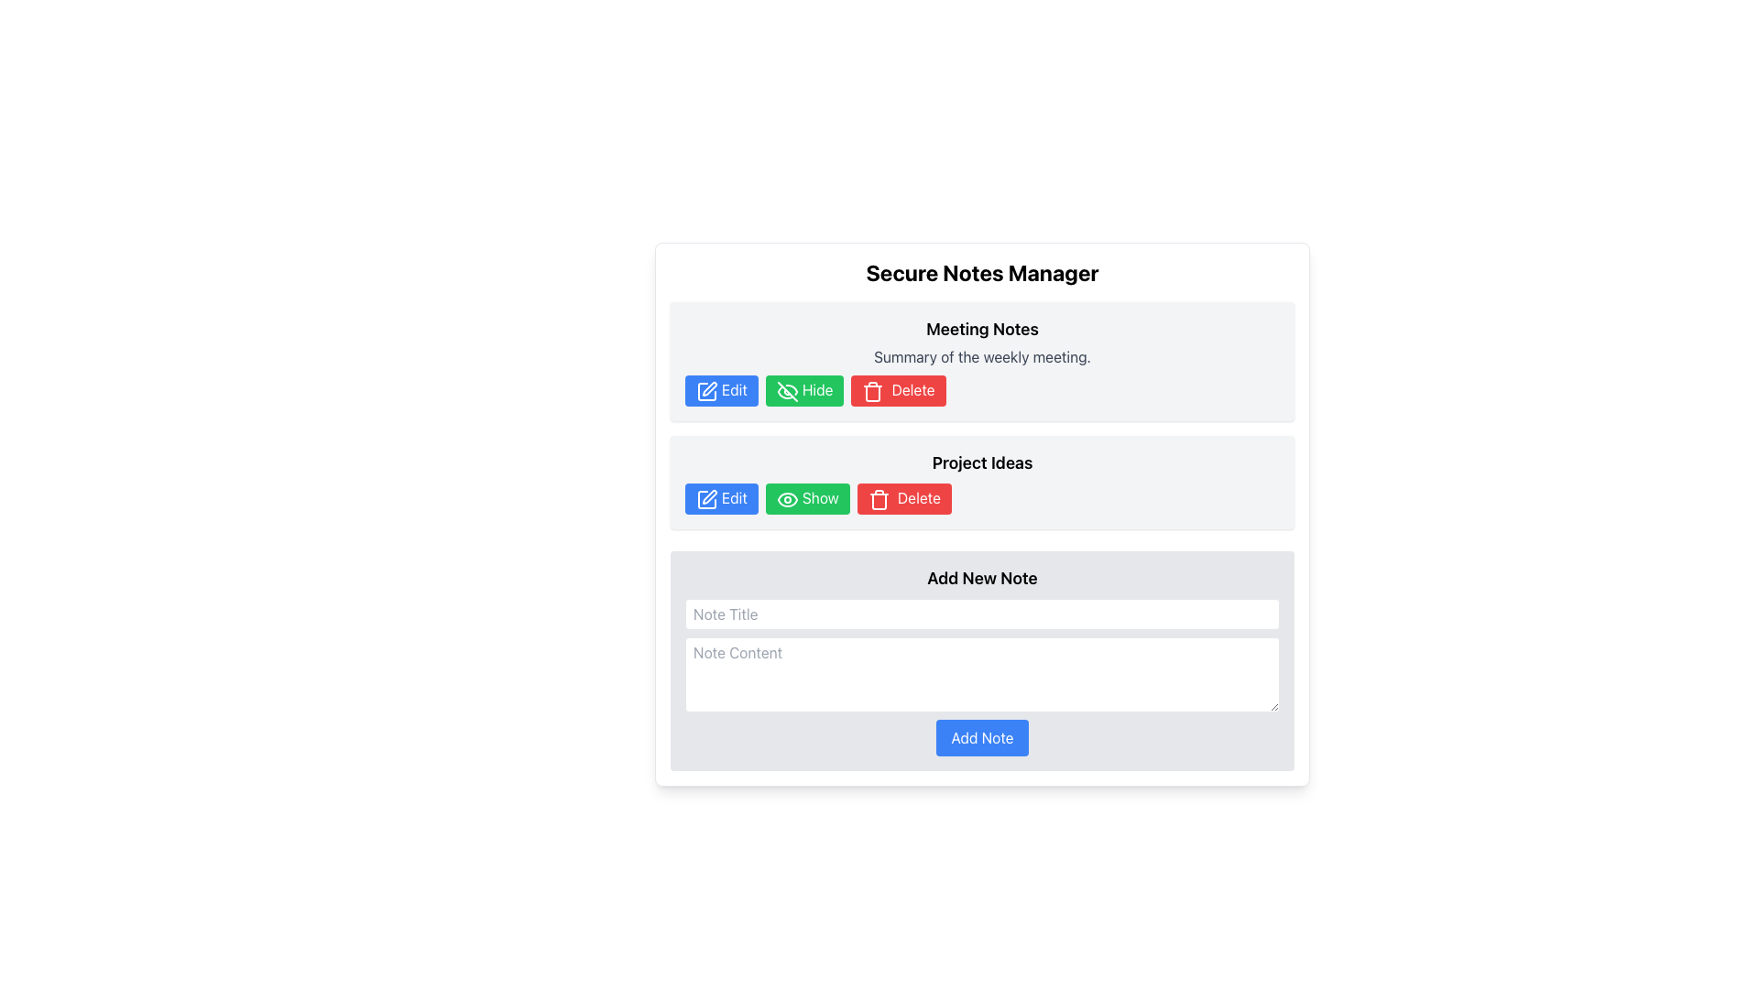 The width and height of the screenshot is (1759, 989). Describe the element at coordinates (904, 498) in the screenshot. I see `the delete action button, which is the third button in a horizontal row of three buttons located in the 'Project Ideas' section` at that location.